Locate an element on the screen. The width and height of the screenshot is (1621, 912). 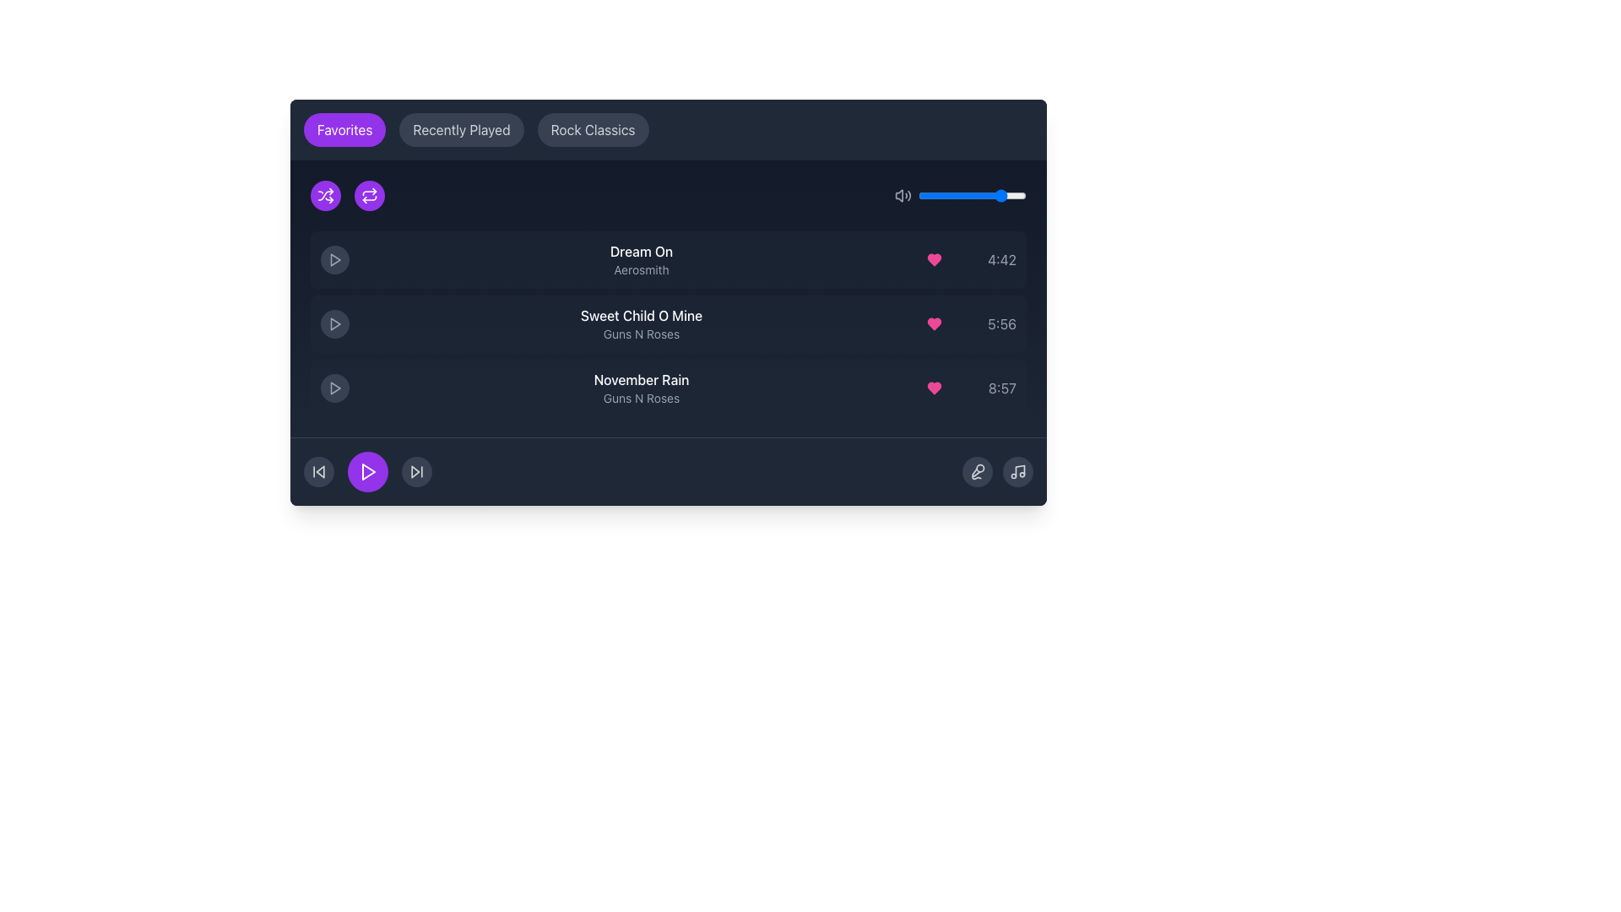
the play button, which is a right-pointing triangle icon with a purple circular background located in the central bottom section of the interface is located at coordinates (367, 472).